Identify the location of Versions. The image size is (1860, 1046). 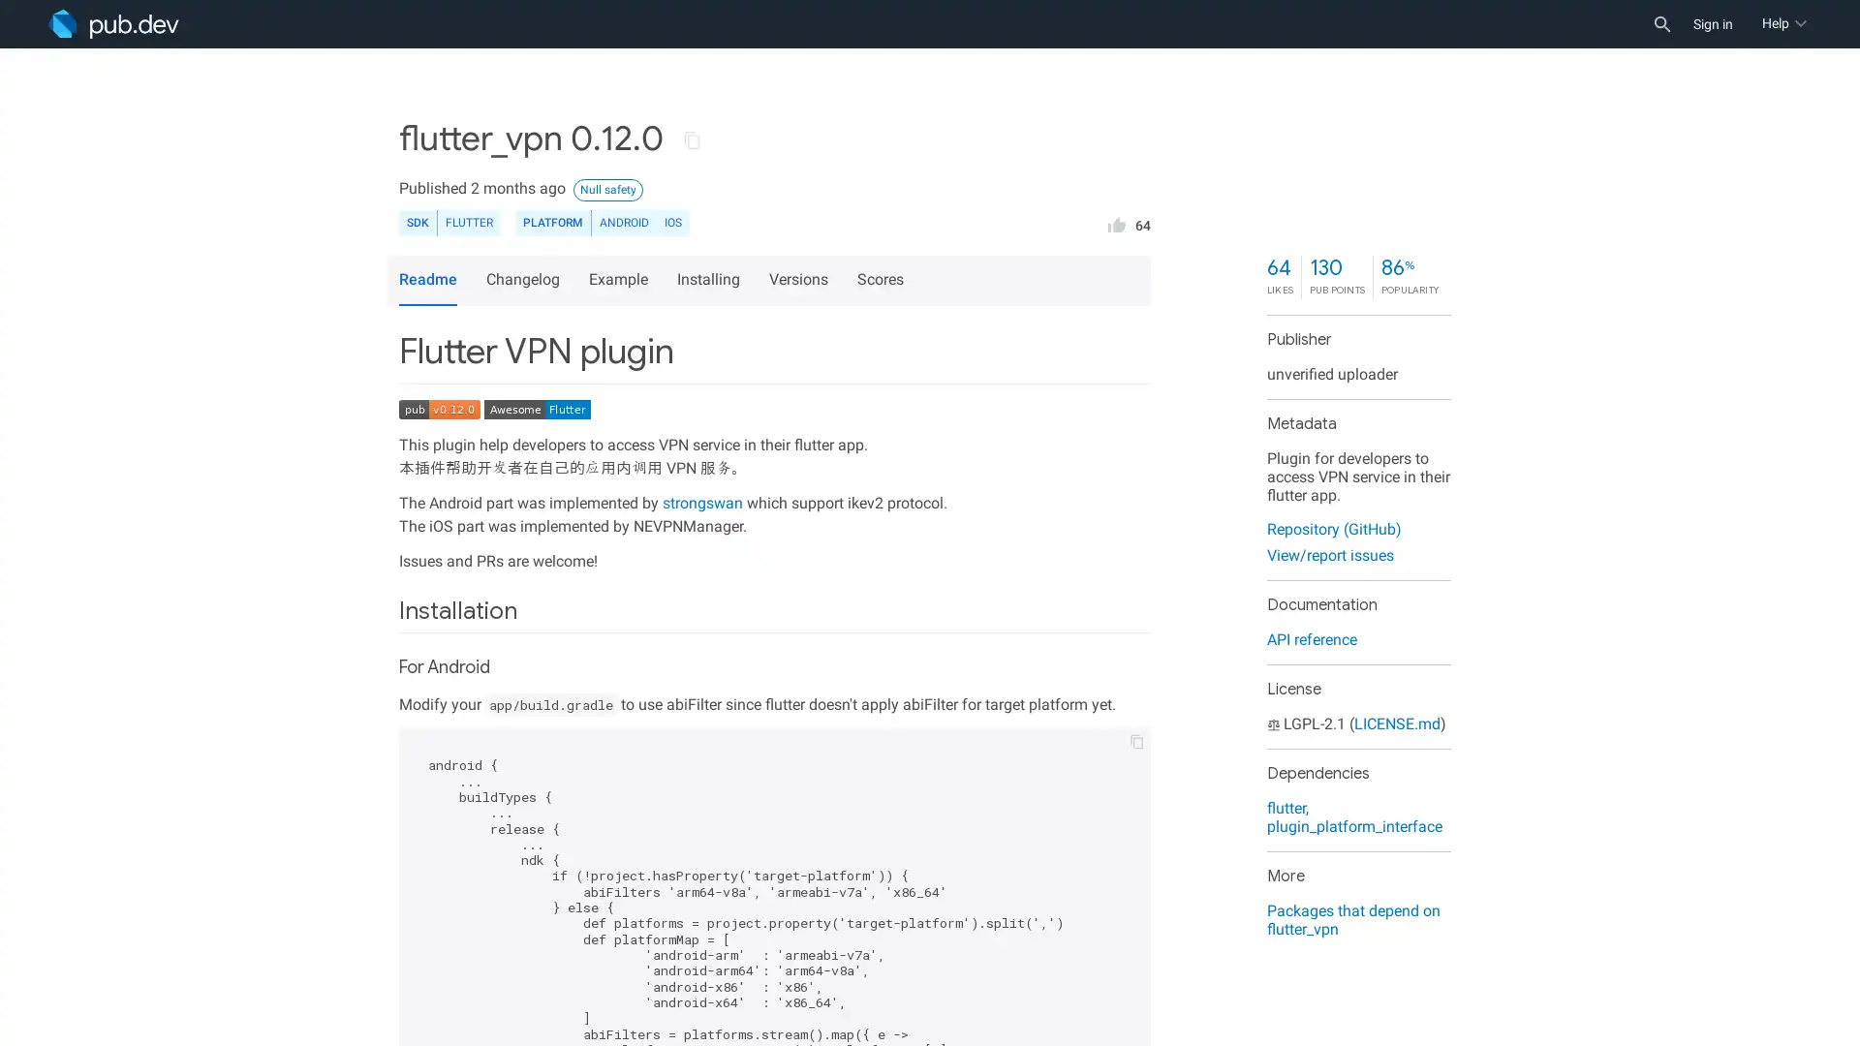
(801, 280).